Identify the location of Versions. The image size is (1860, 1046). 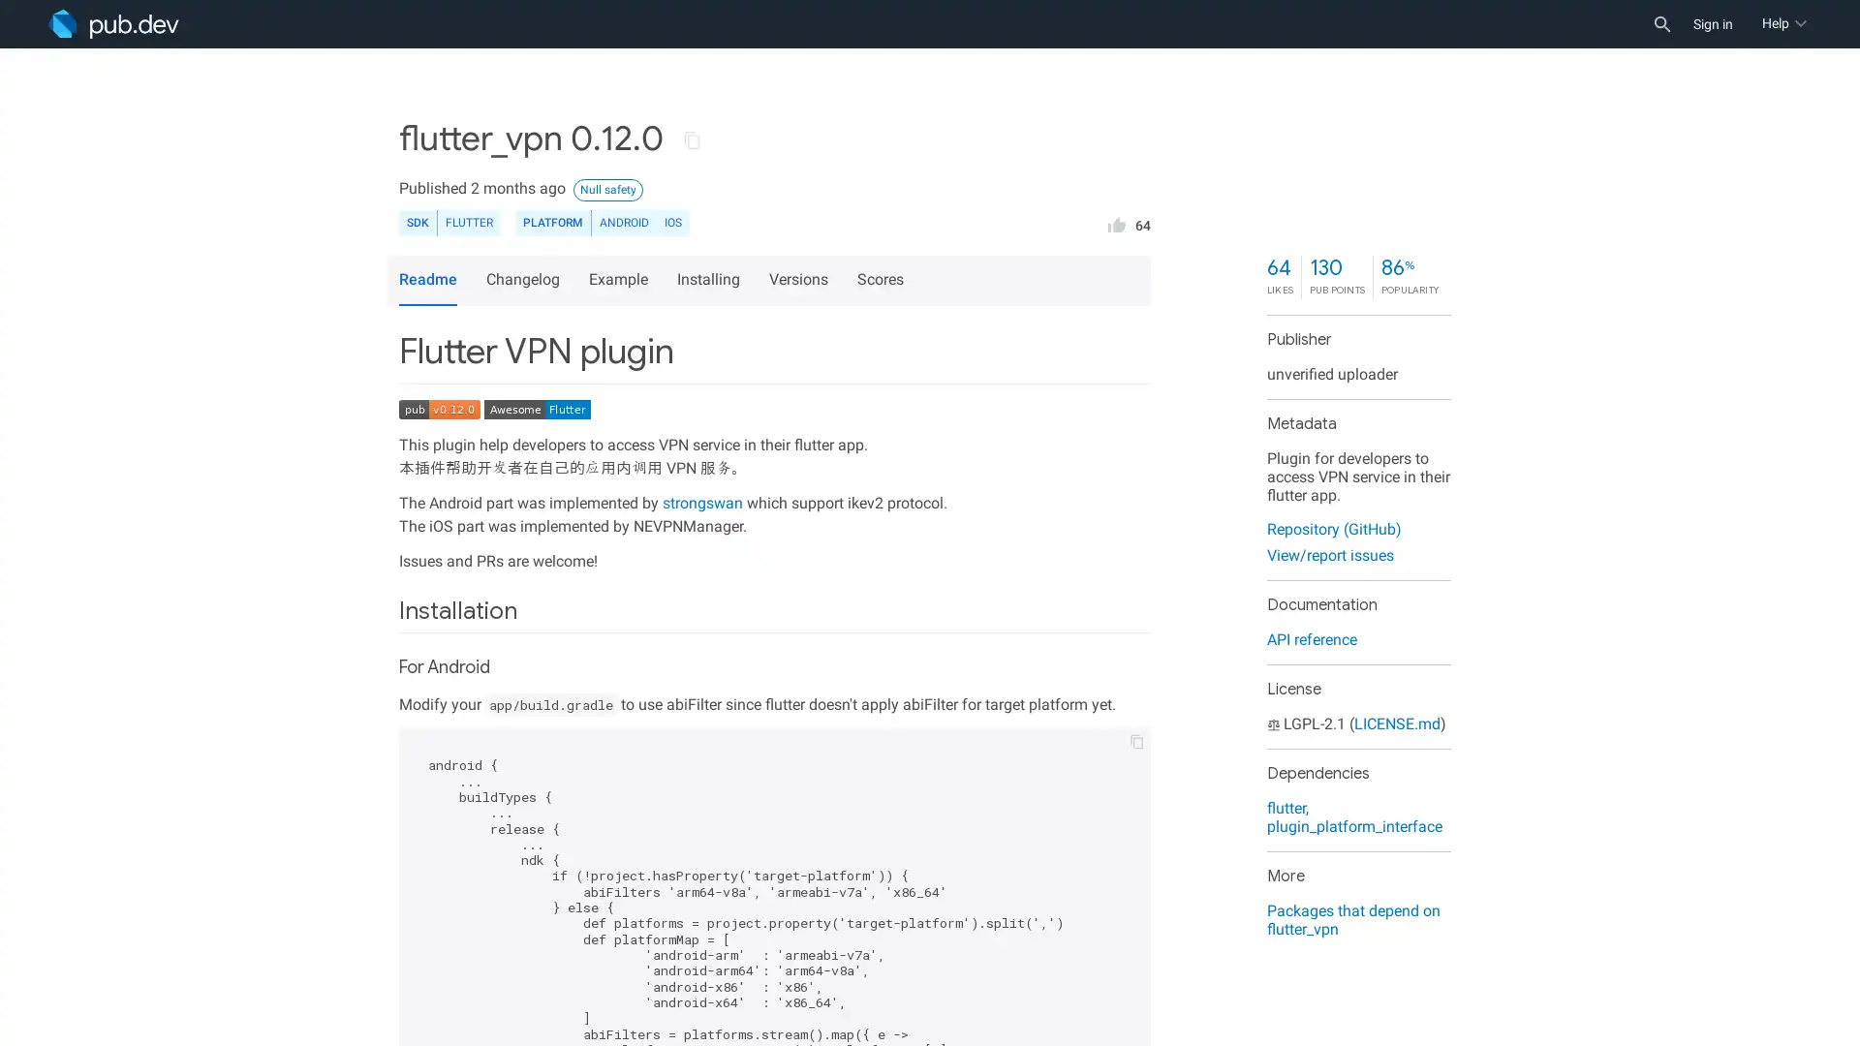
(801, 280).